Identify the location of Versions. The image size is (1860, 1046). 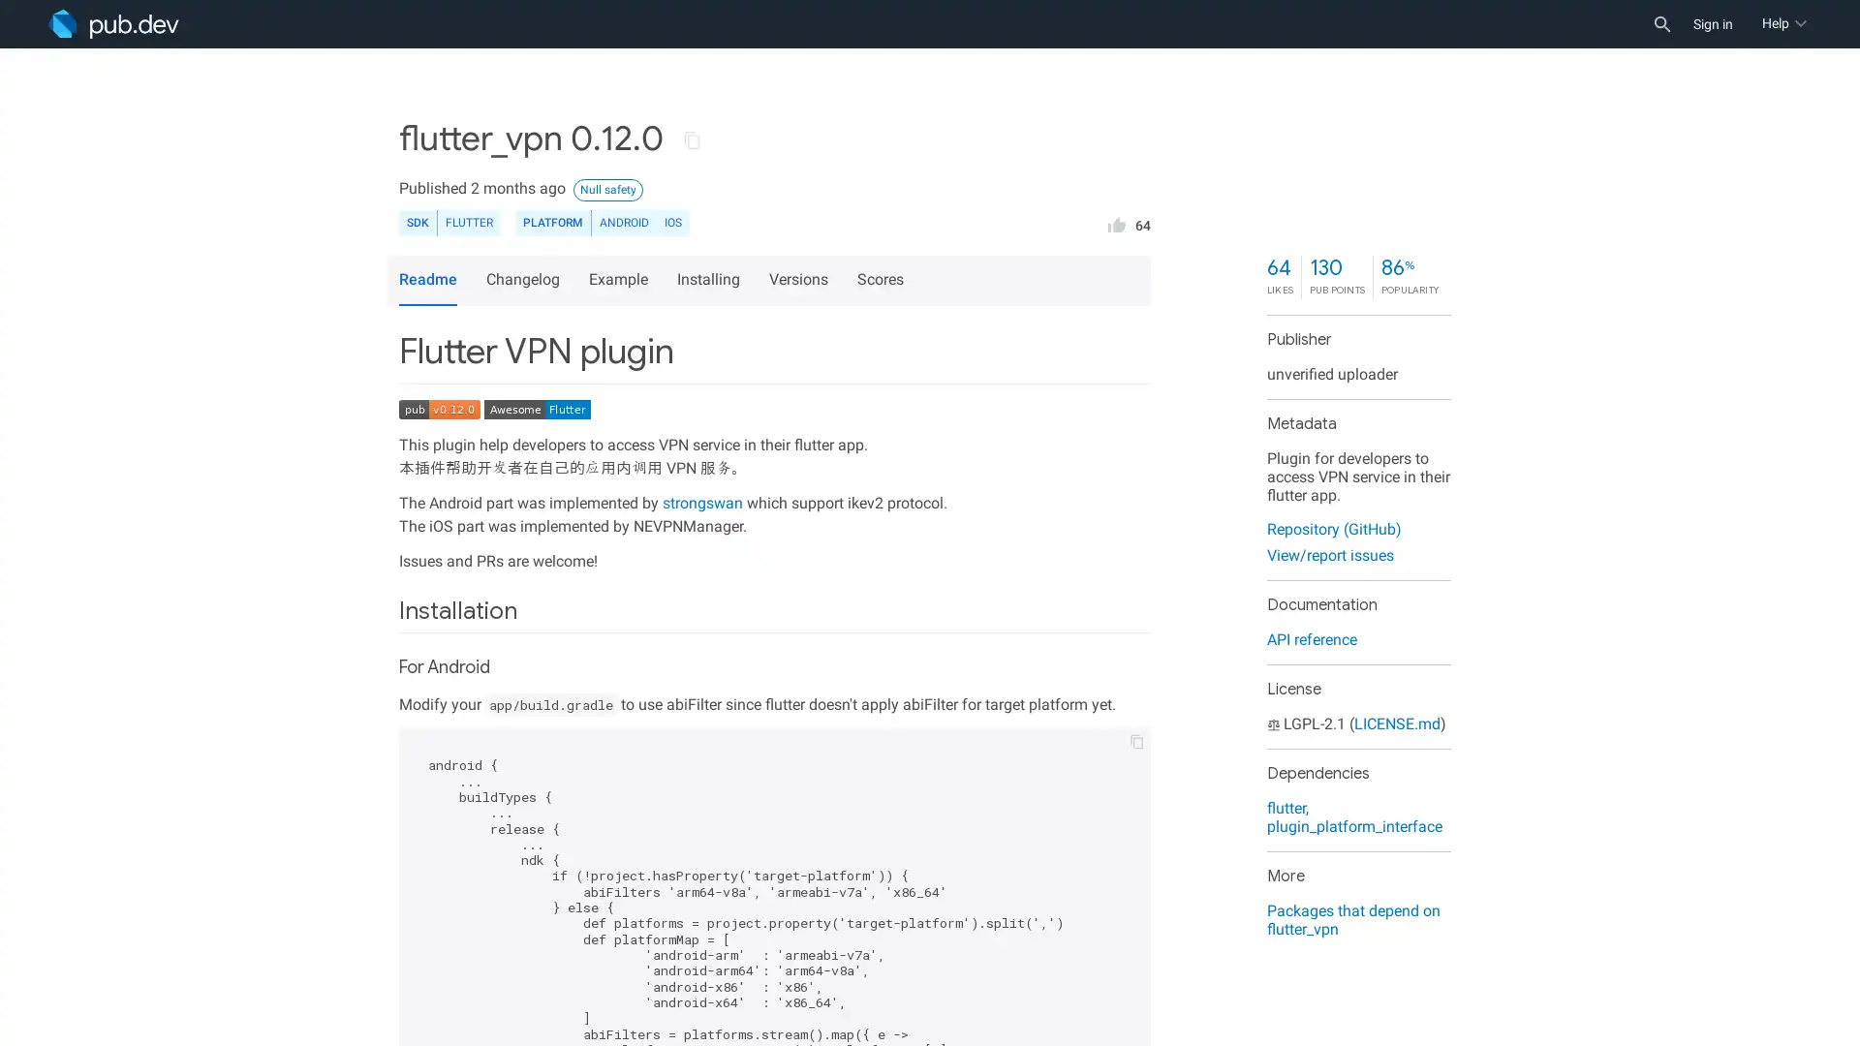
(801, 280).